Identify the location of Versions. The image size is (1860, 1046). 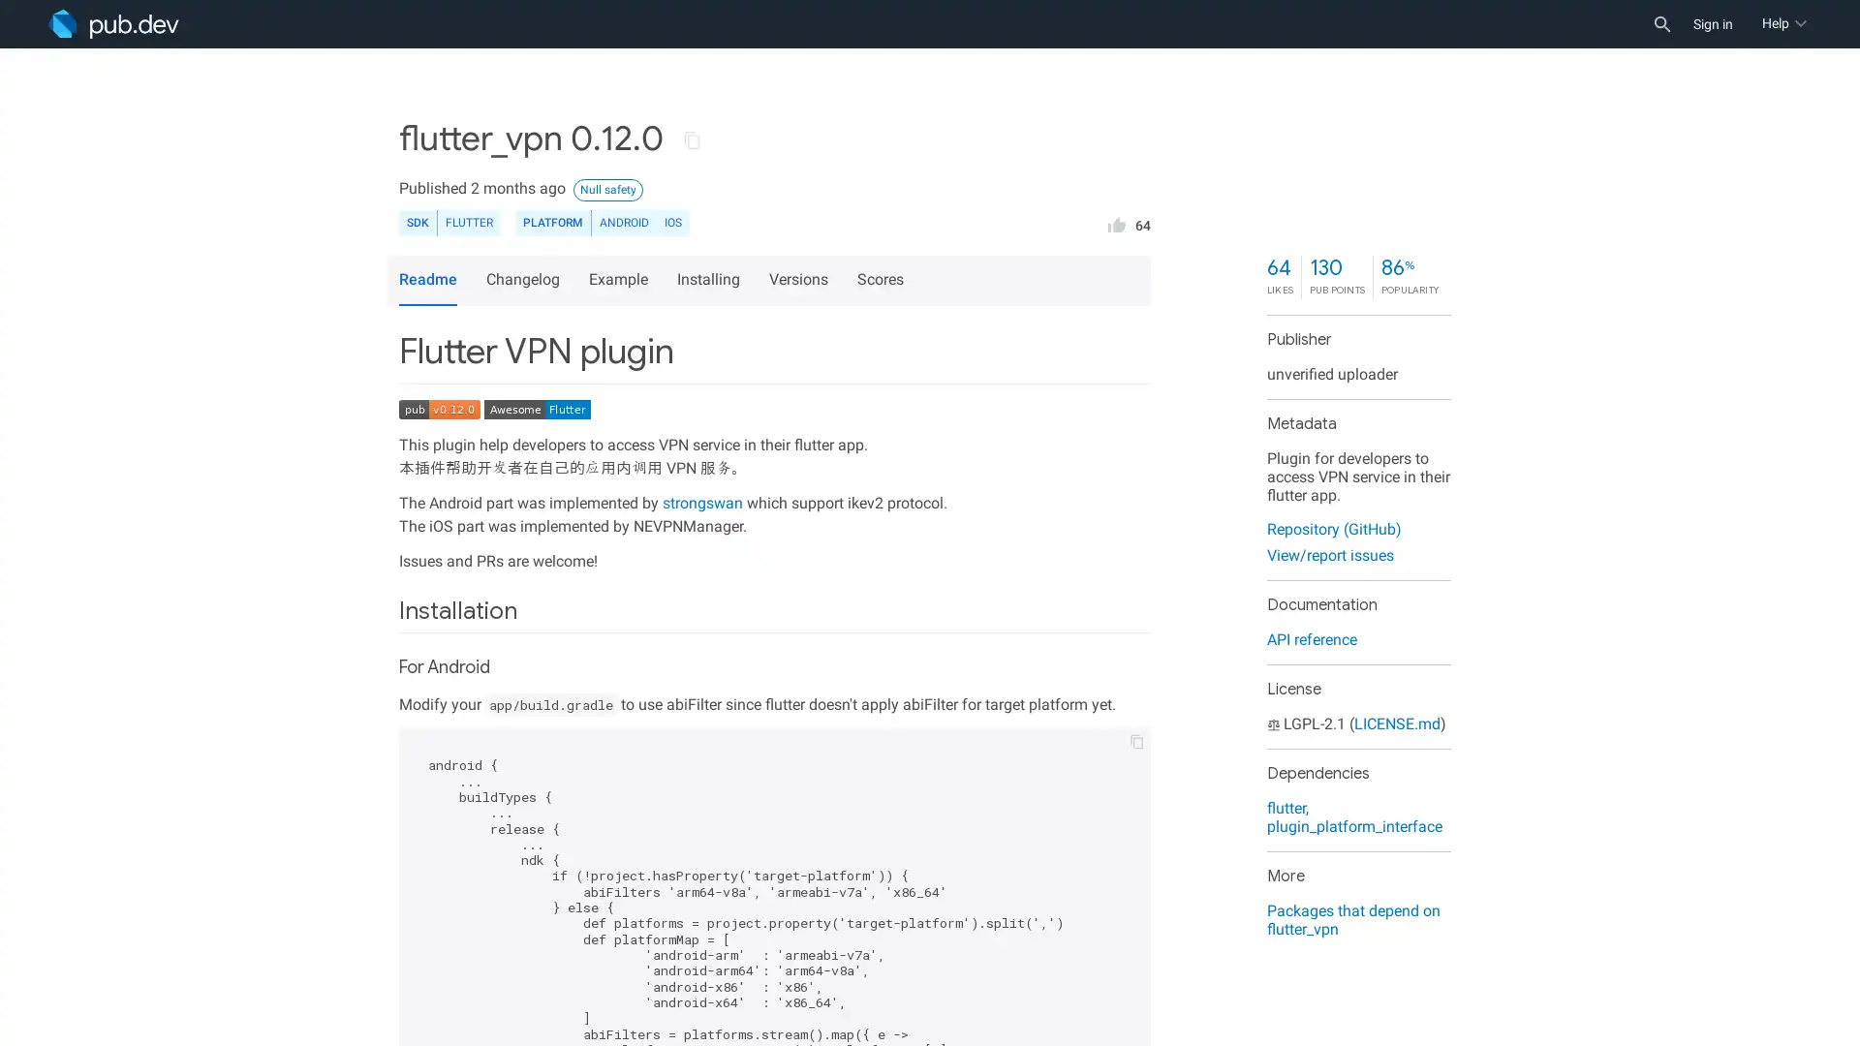
(801, 280).